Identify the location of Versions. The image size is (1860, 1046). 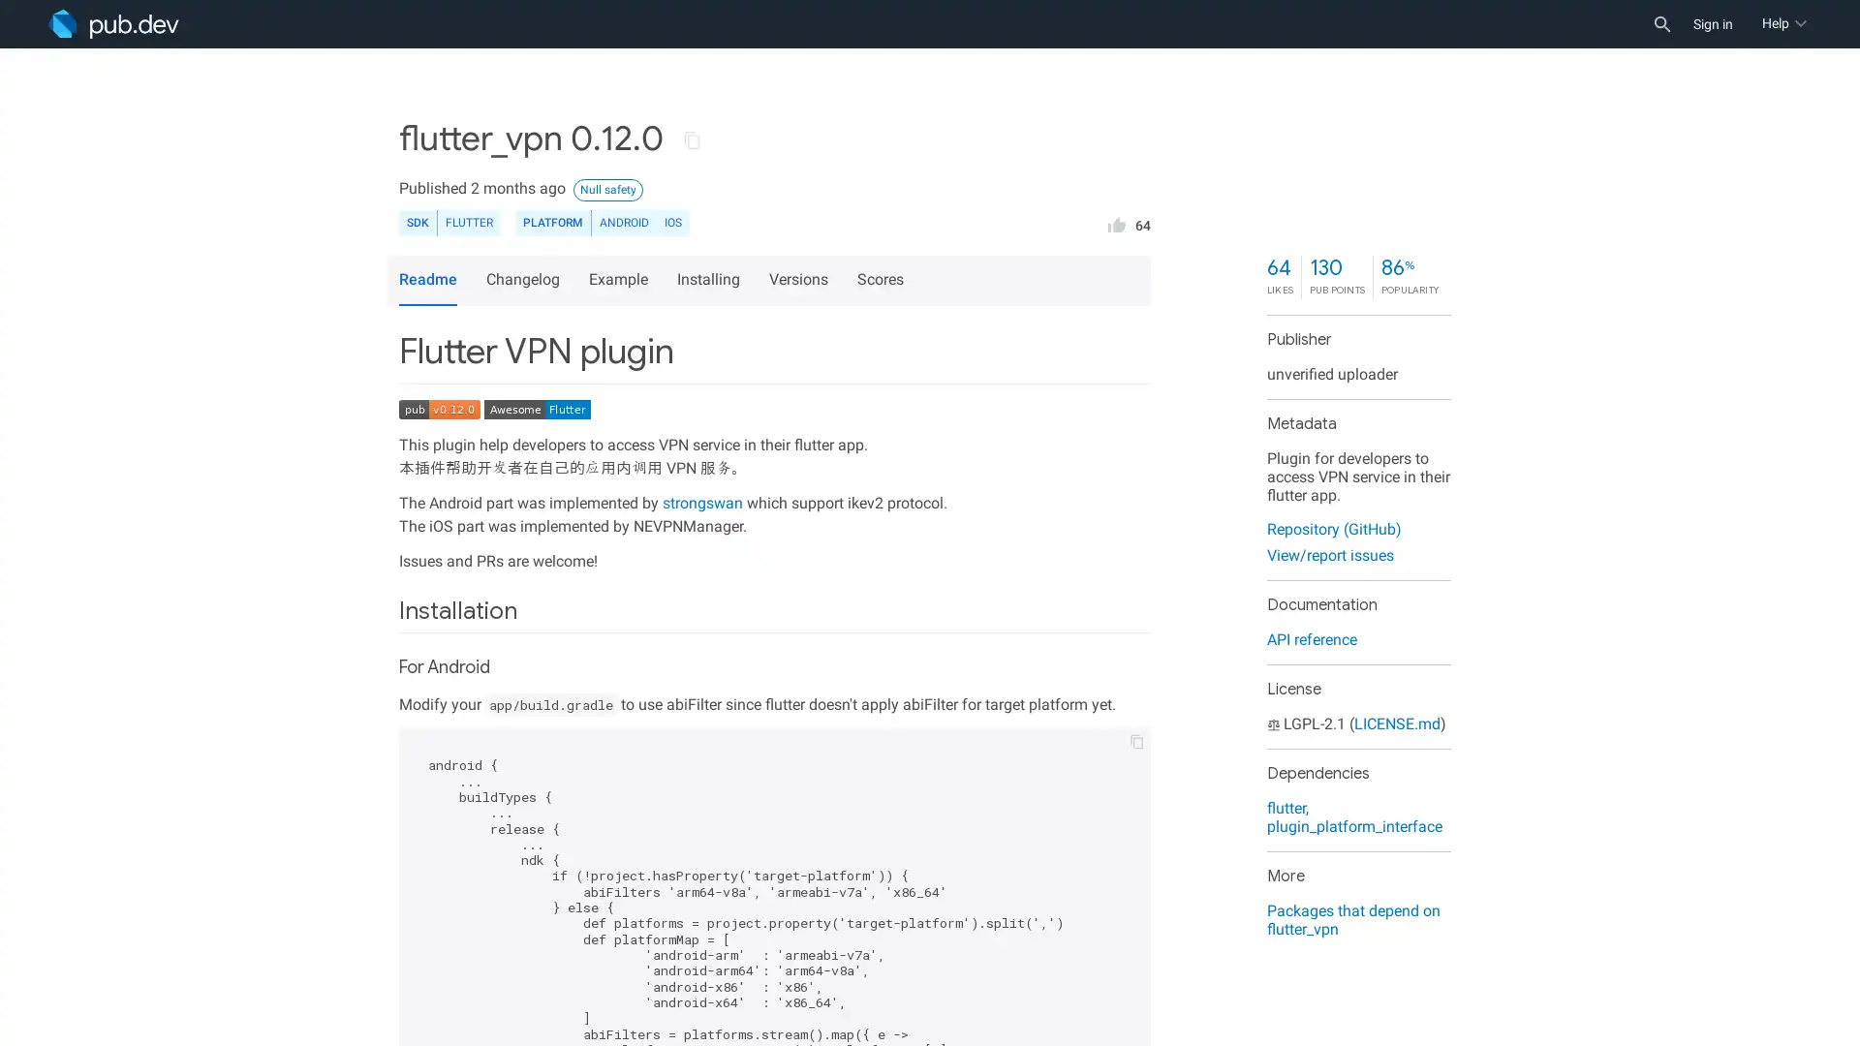
(801, 280).